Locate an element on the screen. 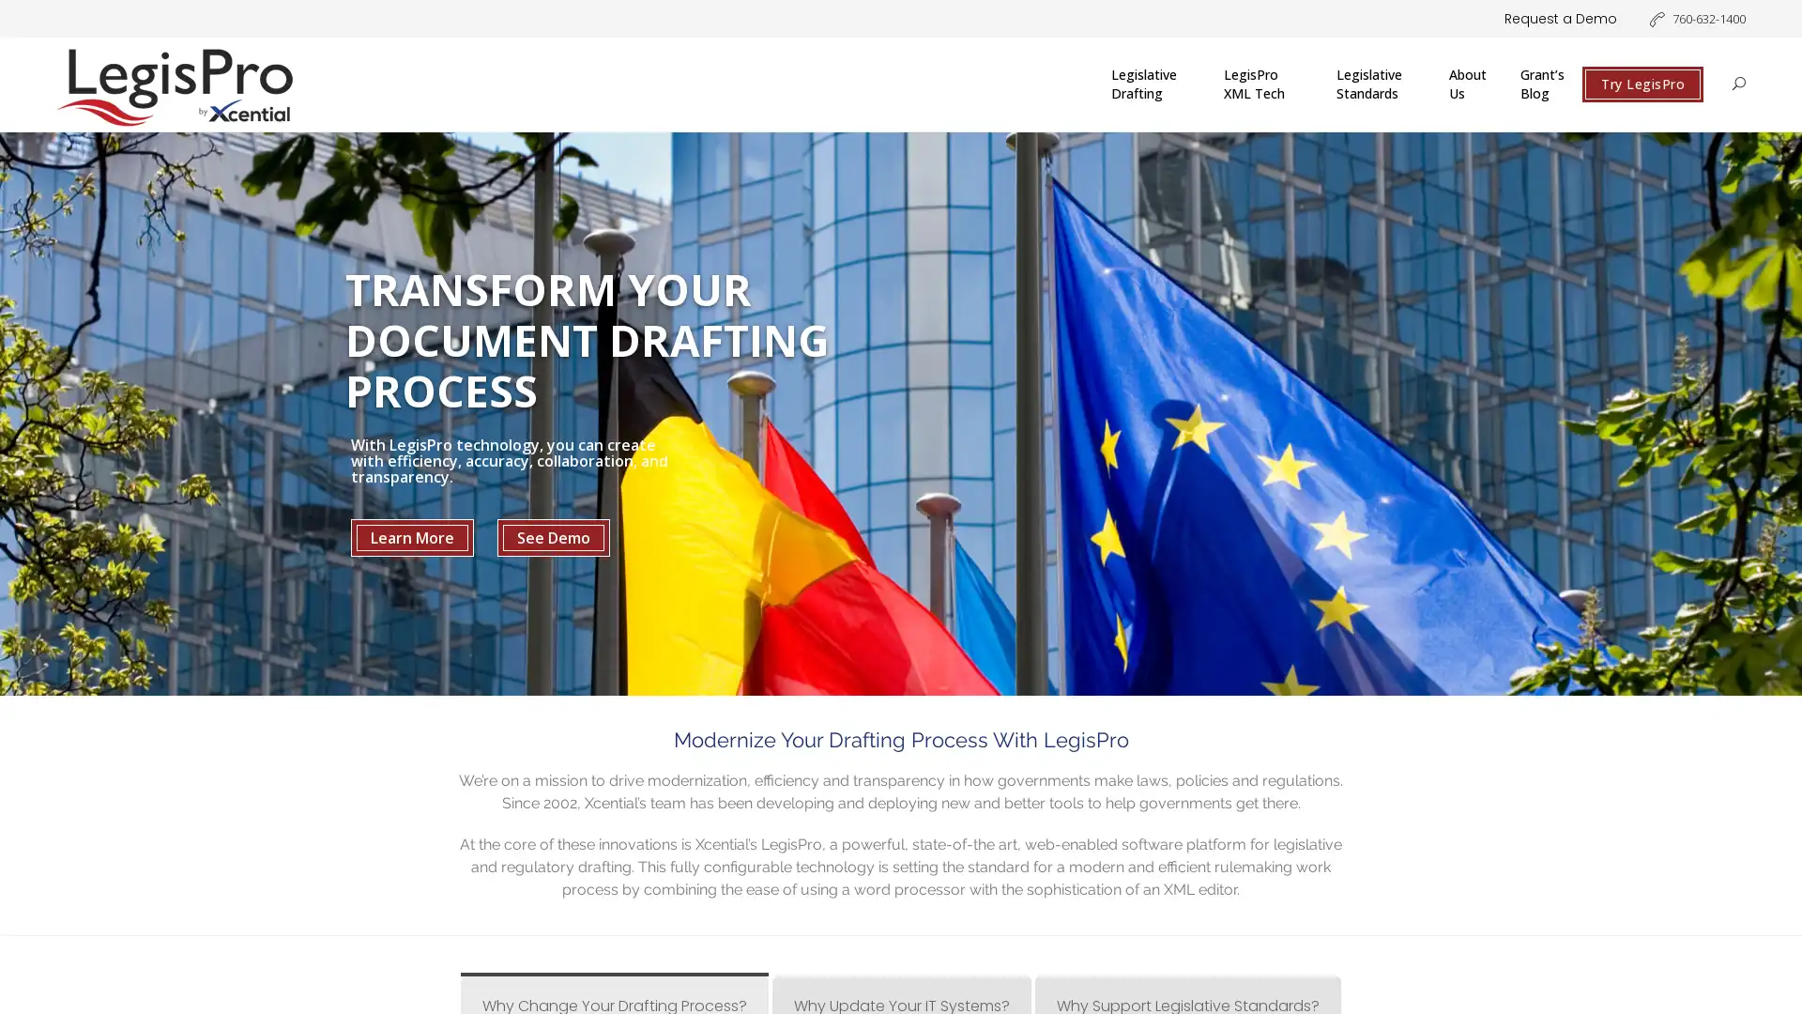  See Demo is located at coordinates (553, 538).